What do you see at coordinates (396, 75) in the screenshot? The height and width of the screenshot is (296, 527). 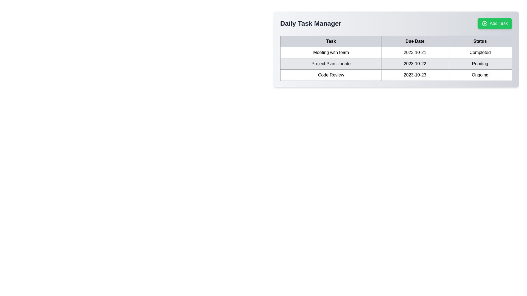 I see `the third row of the table containing the task 'Code Review', due date '2023-10-23', and status 'Ongoing'` at bounding box center [396, 75].